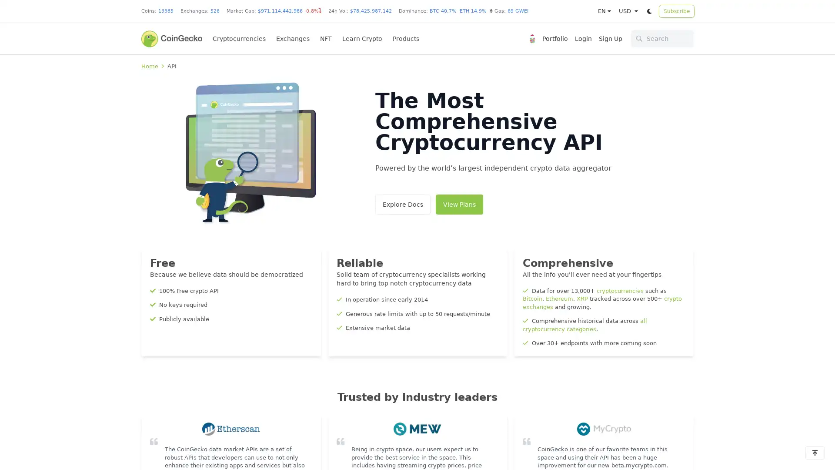 This screenshot has width=835, height=470. Describe the element at coordinates (676, 11) in the screenshot. I see `Subscribe` at that location.